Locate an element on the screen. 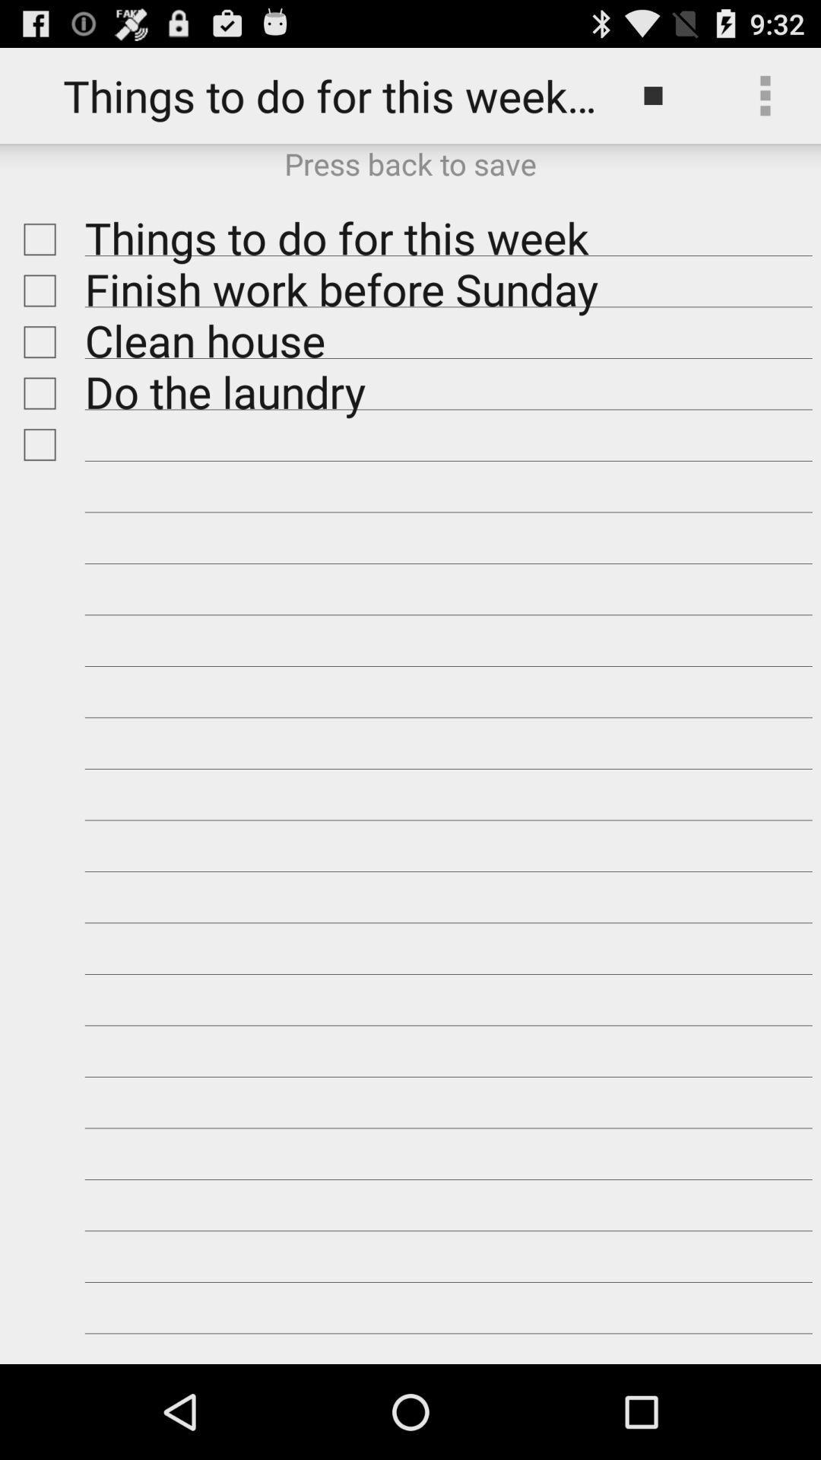 The image size is (821, 1460). select option is located at coordinates (35, 239).